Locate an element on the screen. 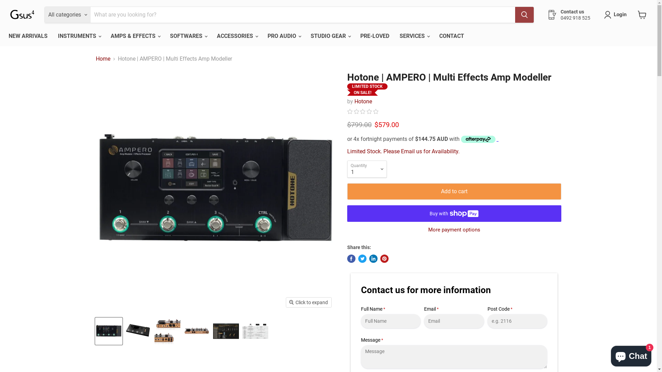  'PRO AUDIO' is located at coordinates (262, 36).